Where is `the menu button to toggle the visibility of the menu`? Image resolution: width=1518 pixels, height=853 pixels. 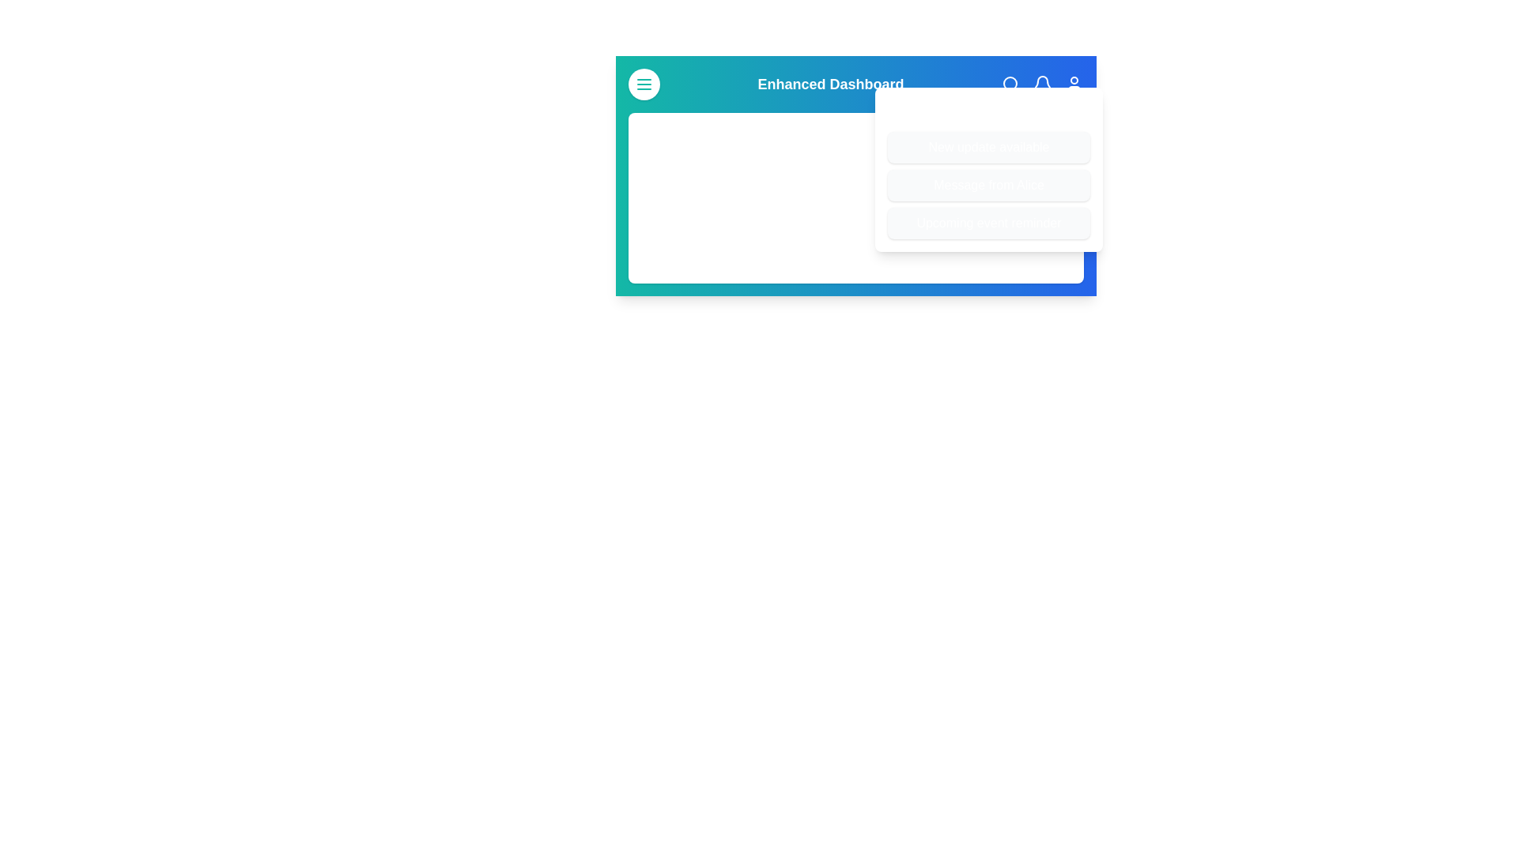
the menu button to toggle the visibility of the menu is located at coordinates (644, 85).